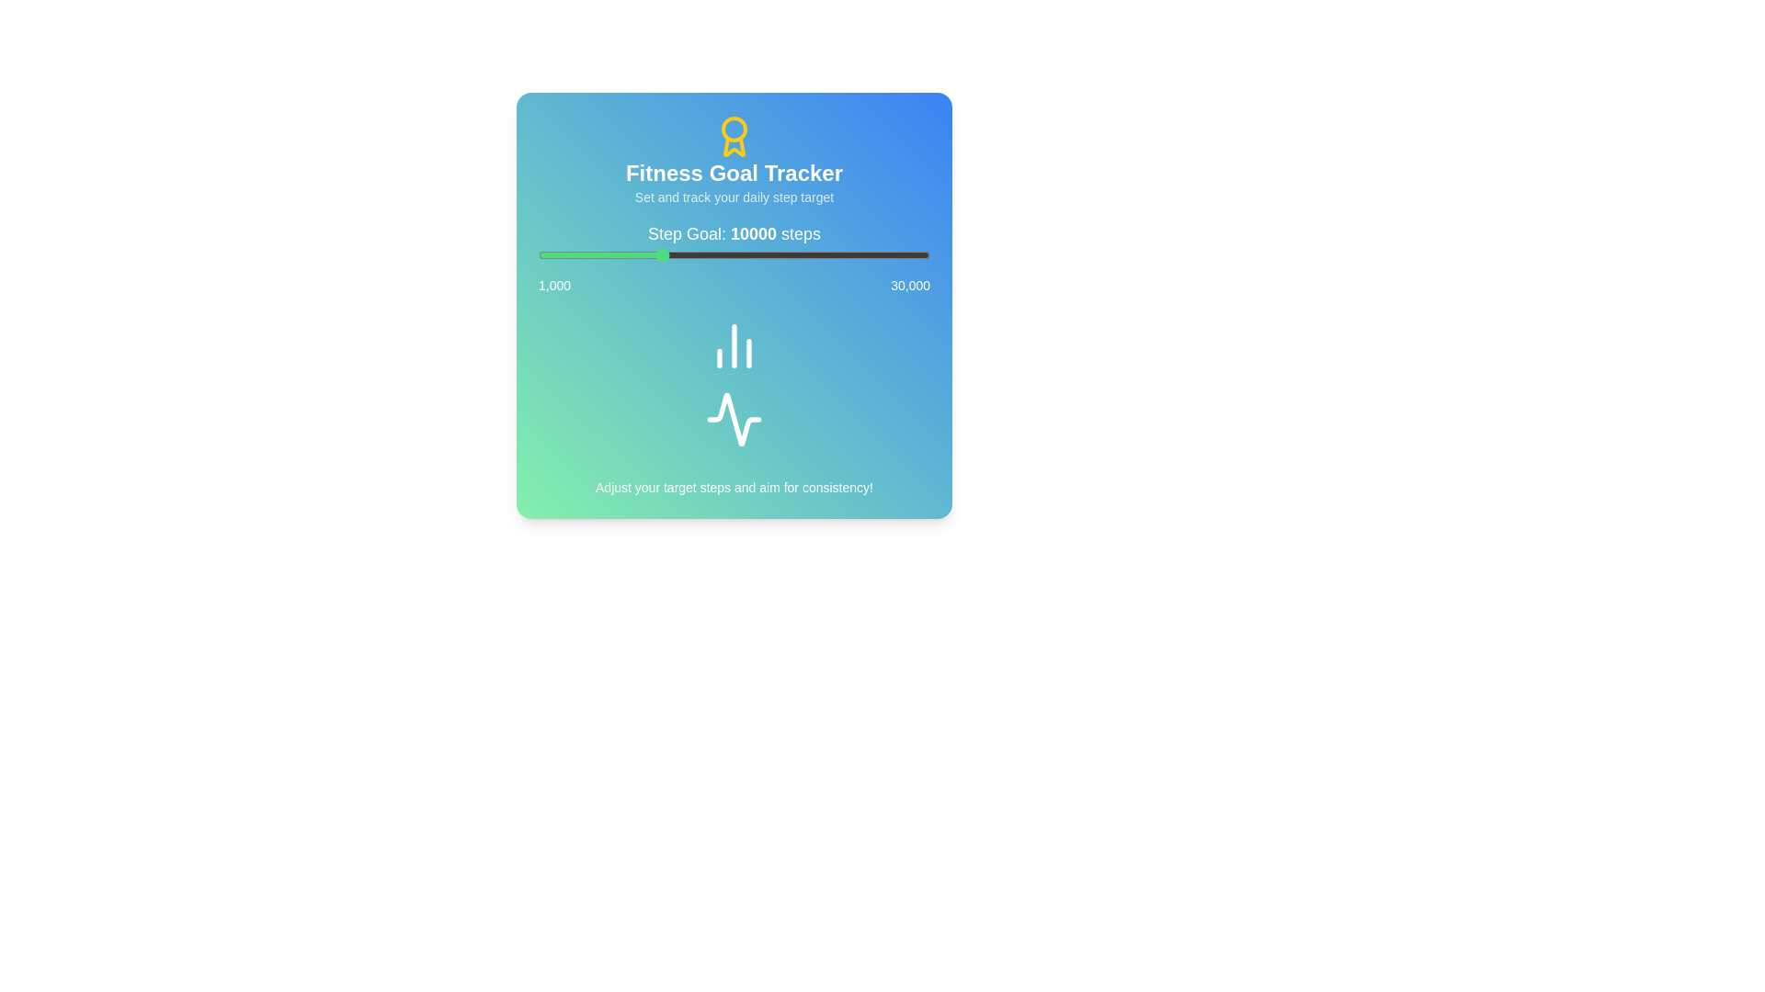  What do you see at coordinates (927, 254) in the screenshot?
I see `the step goal to 29797 steps using the slider` at bounding box center [927, 254].